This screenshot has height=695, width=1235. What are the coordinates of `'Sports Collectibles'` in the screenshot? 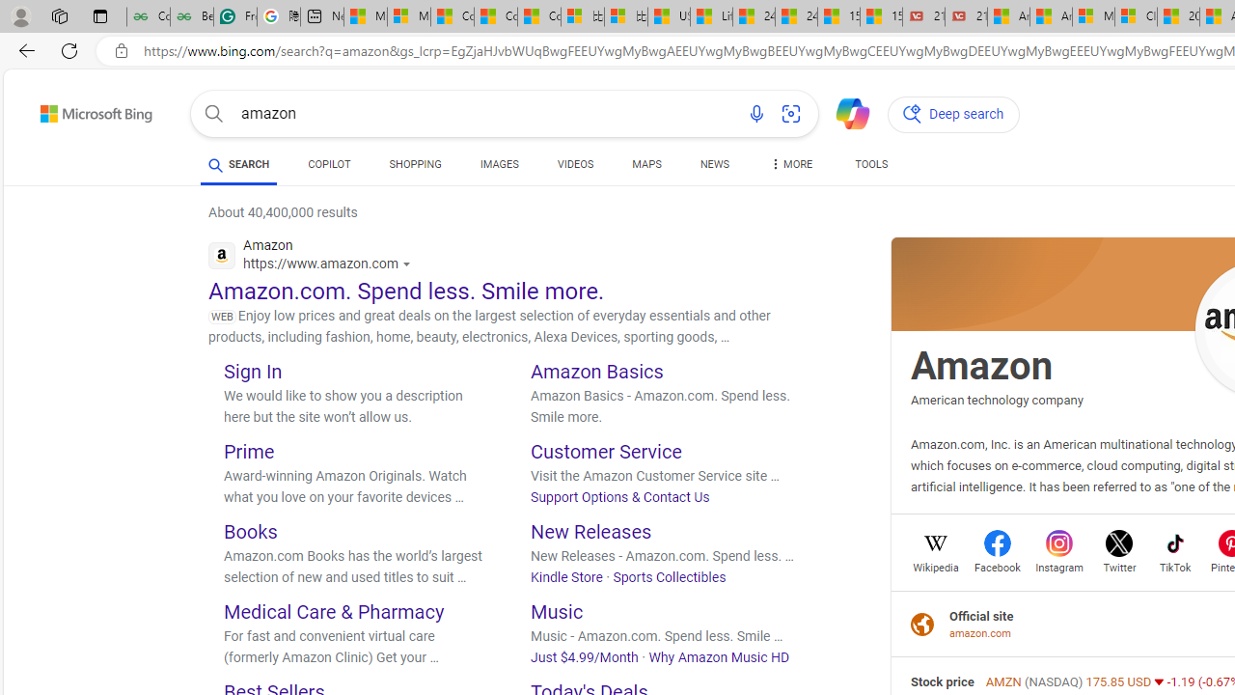 It's located at (669, 575).